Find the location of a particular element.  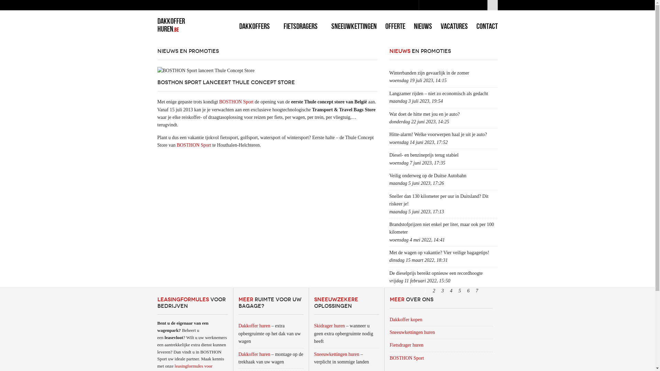

'DAKKOFFER HUREN' is located at coordinates (157, 24).